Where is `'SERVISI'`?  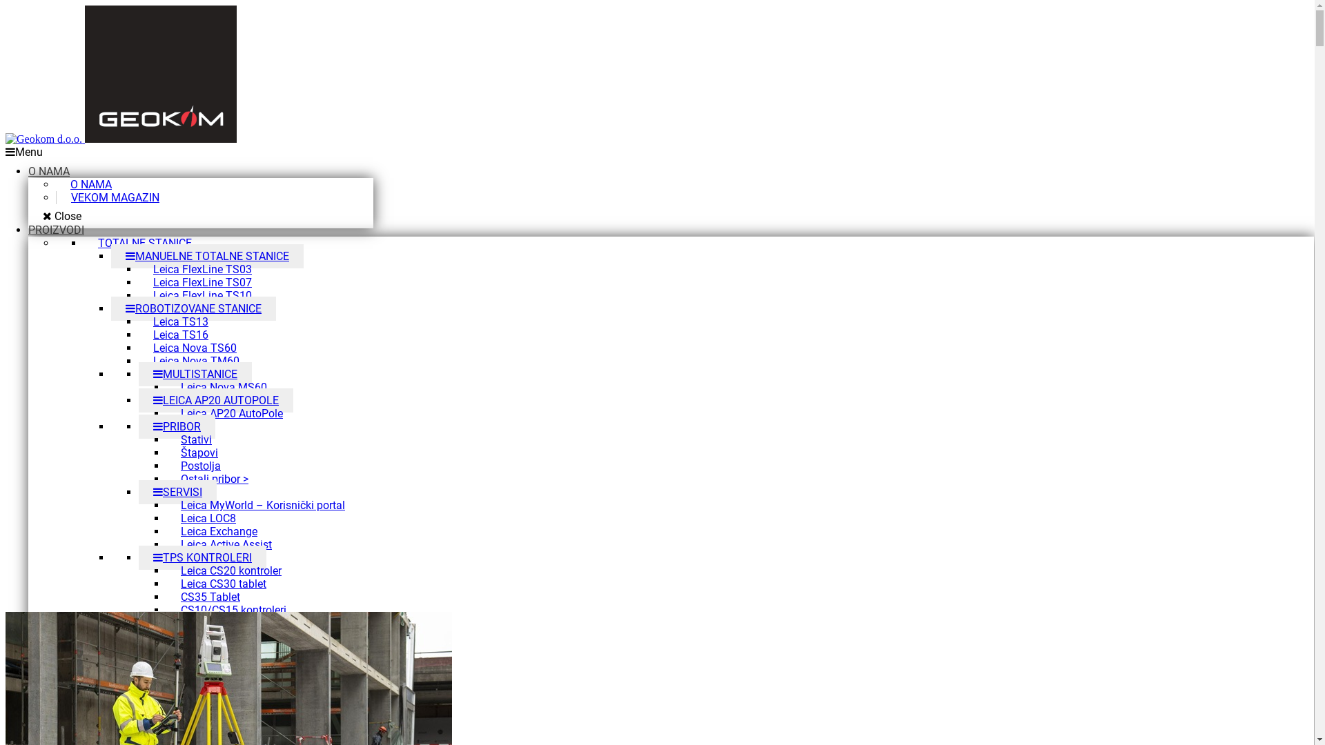 'SERVISI' is located at coordinates (177, 491).